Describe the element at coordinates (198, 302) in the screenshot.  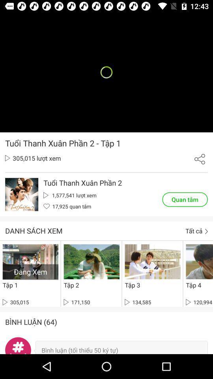
I see `120,994 icon` at that location.